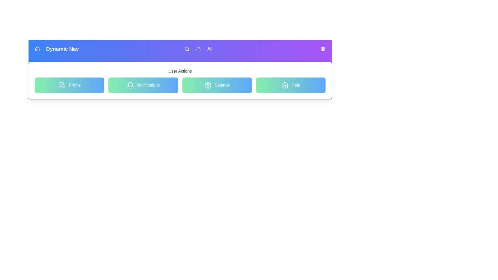 This screenshot has width=498, height=280. I want to click on the Bell navigation icon, so click(198, 49).